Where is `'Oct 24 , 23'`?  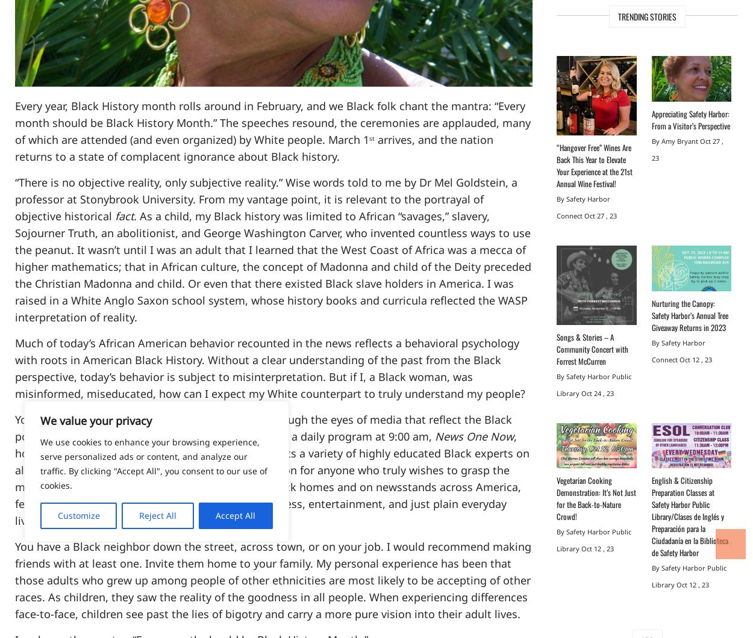
'Oct 24 , 23' is located at coordinates (597, 393).